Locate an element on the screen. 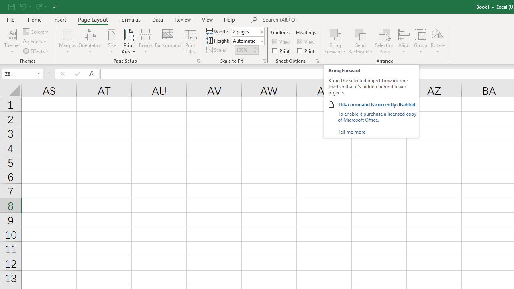  'Margins' is located at coordinates (67, 41).